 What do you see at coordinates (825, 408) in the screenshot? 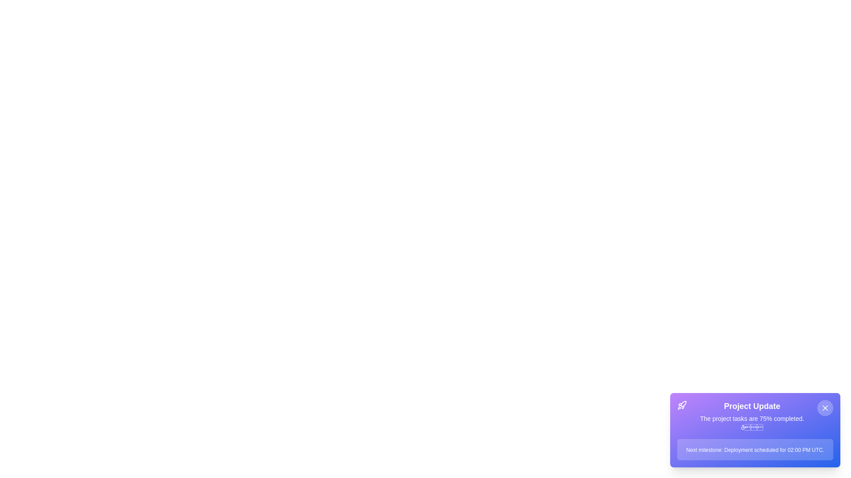
I see `the close button to dismiss the snackbar` at bounding box center [825, 408].